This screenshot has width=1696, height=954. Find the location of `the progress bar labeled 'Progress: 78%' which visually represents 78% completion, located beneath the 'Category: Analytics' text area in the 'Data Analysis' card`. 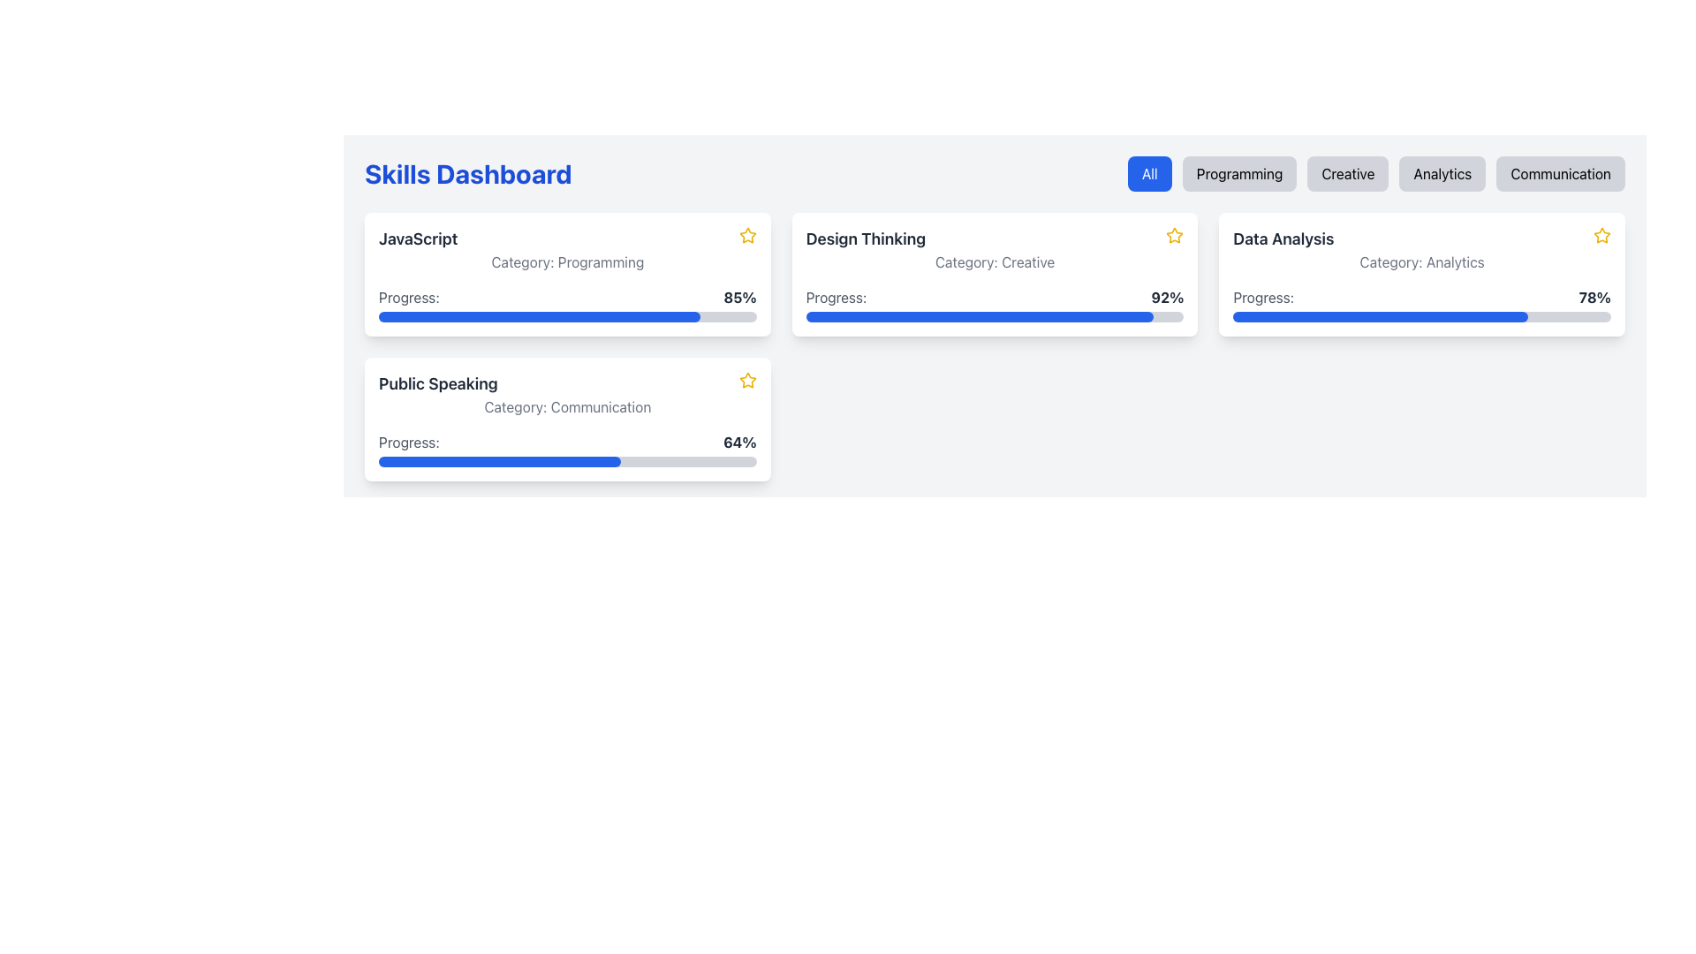

the progress bar labeled 'Progress: 78%' which visually represents 78% completion, located beneath the 'Category: Analytics' text area in the 'Data Analysis' card is located at coordinates (1422, 303).